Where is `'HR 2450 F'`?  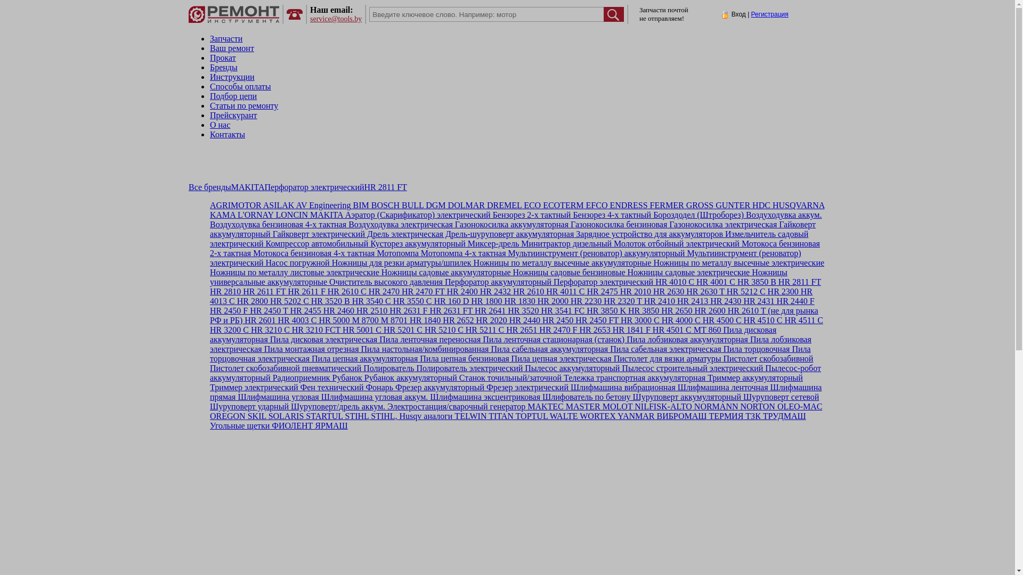 'HR 2450 F' is located at coordinates (228, 310).